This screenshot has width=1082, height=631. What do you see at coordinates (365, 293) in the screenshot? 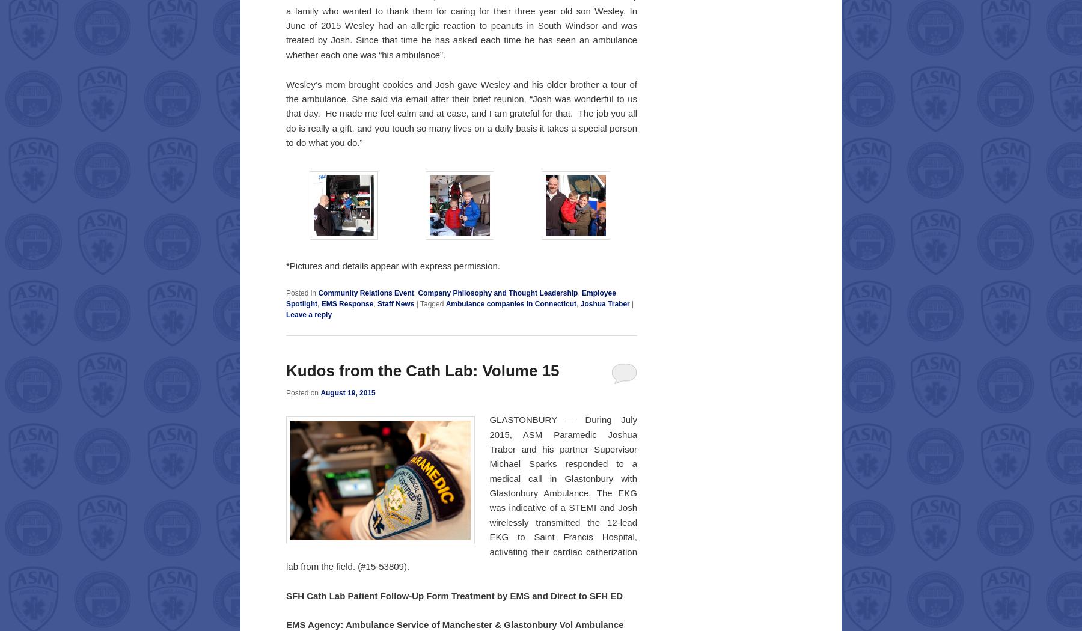
I see `'Community Relations Event'` at bounding box center [365, 293].